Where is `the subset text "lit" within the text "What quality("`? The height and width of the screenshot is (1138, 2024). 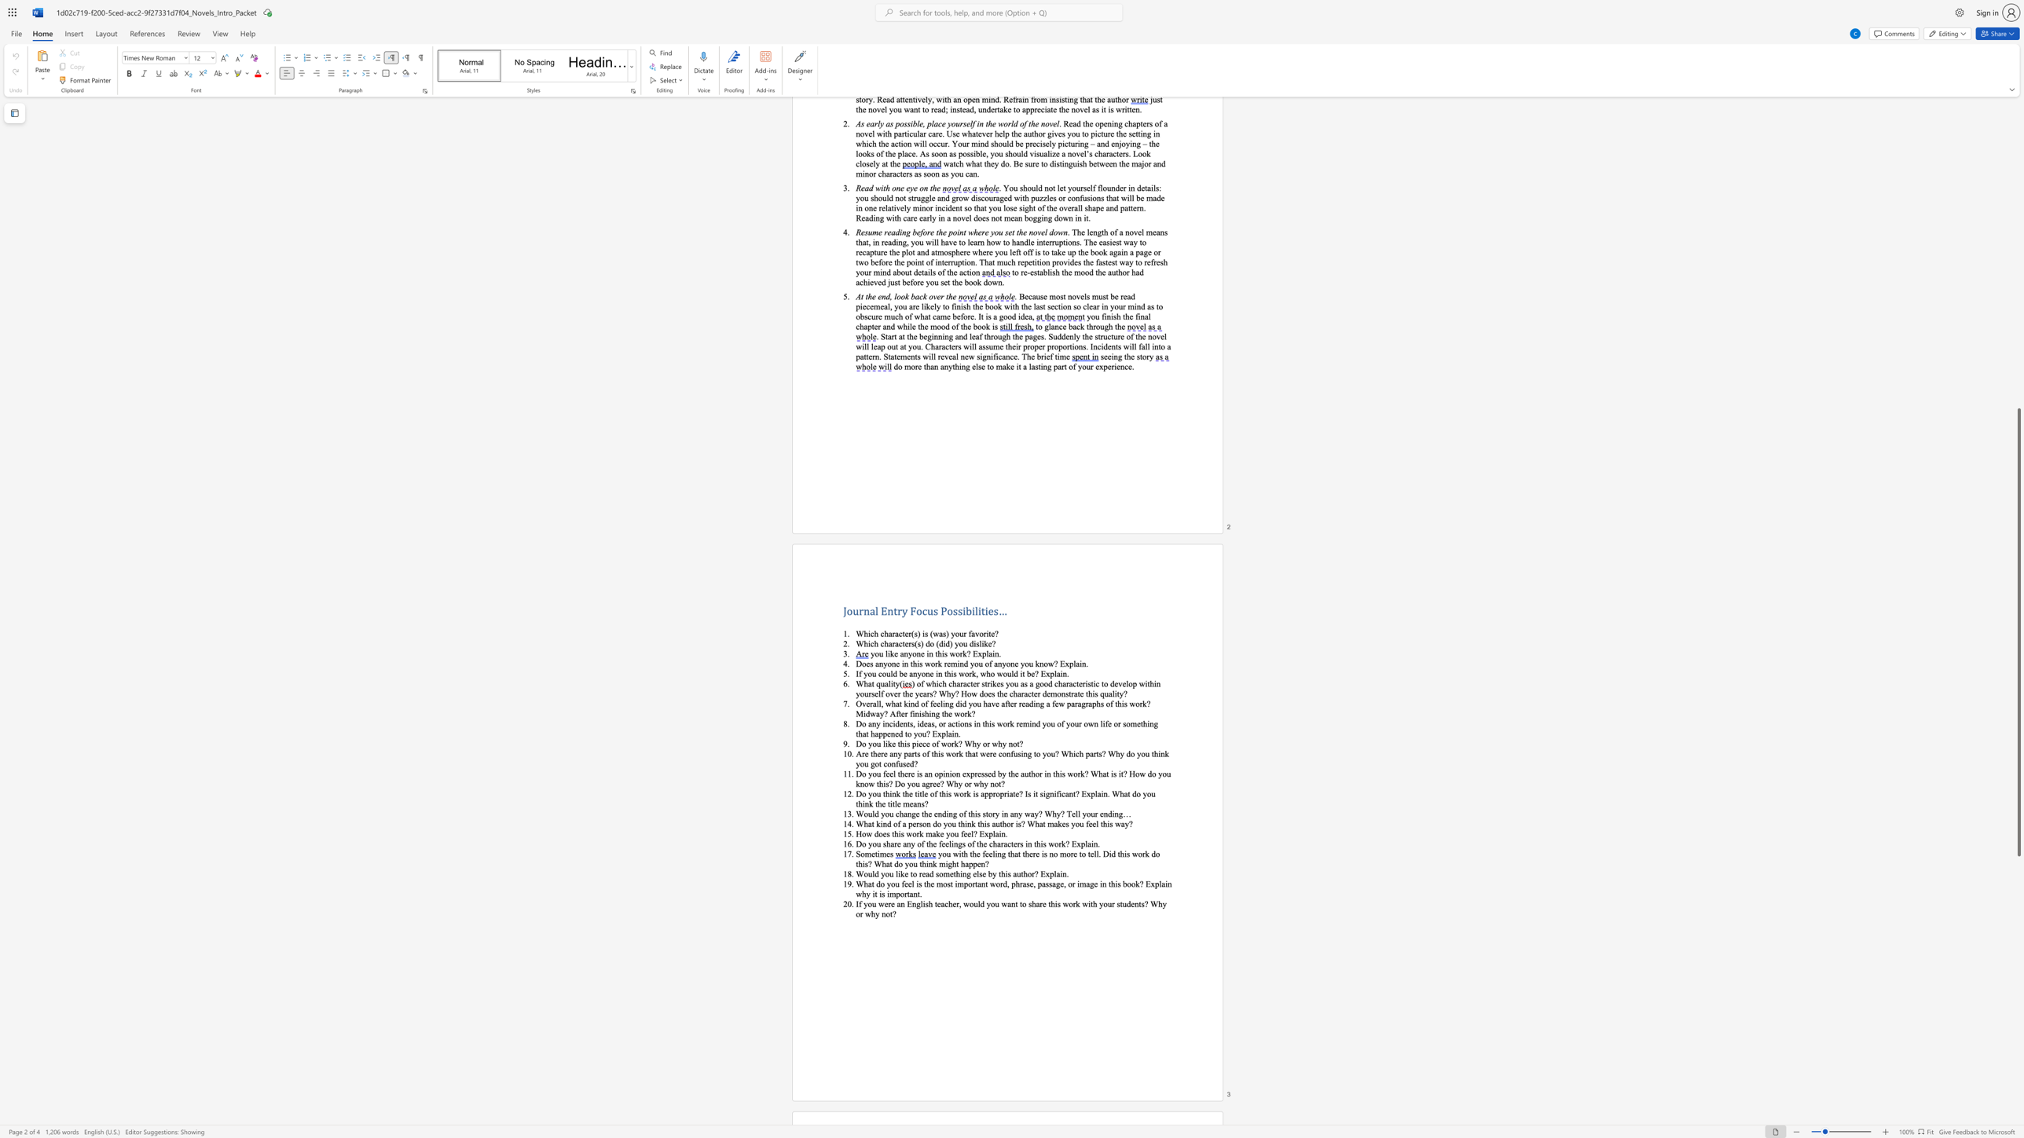
the subset text "lit" within the text "What quality(" is located at coordinates (887, 682).